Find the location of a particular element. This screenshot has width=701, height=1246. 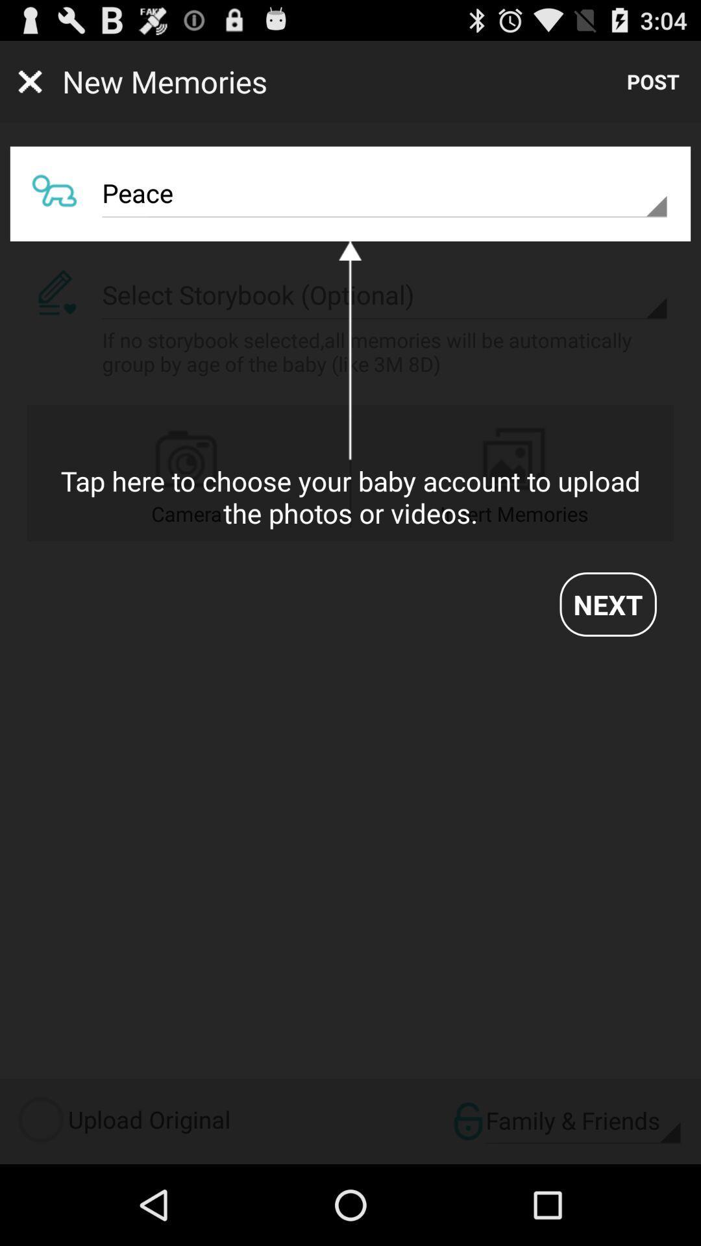

item below the tap here to is located at coordinates (608, 604).